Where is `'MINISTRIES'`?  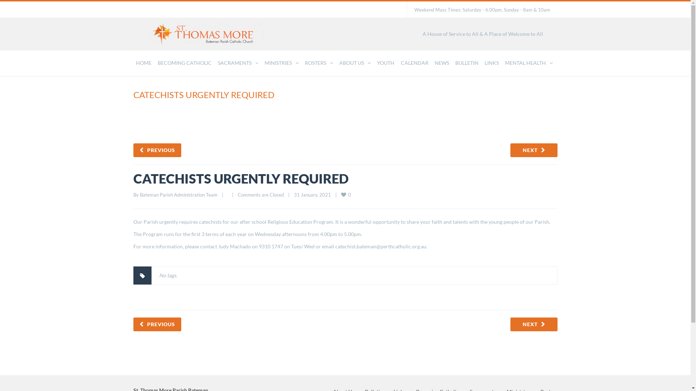
'MINISTRIES' is located at coordinates (281, 62).